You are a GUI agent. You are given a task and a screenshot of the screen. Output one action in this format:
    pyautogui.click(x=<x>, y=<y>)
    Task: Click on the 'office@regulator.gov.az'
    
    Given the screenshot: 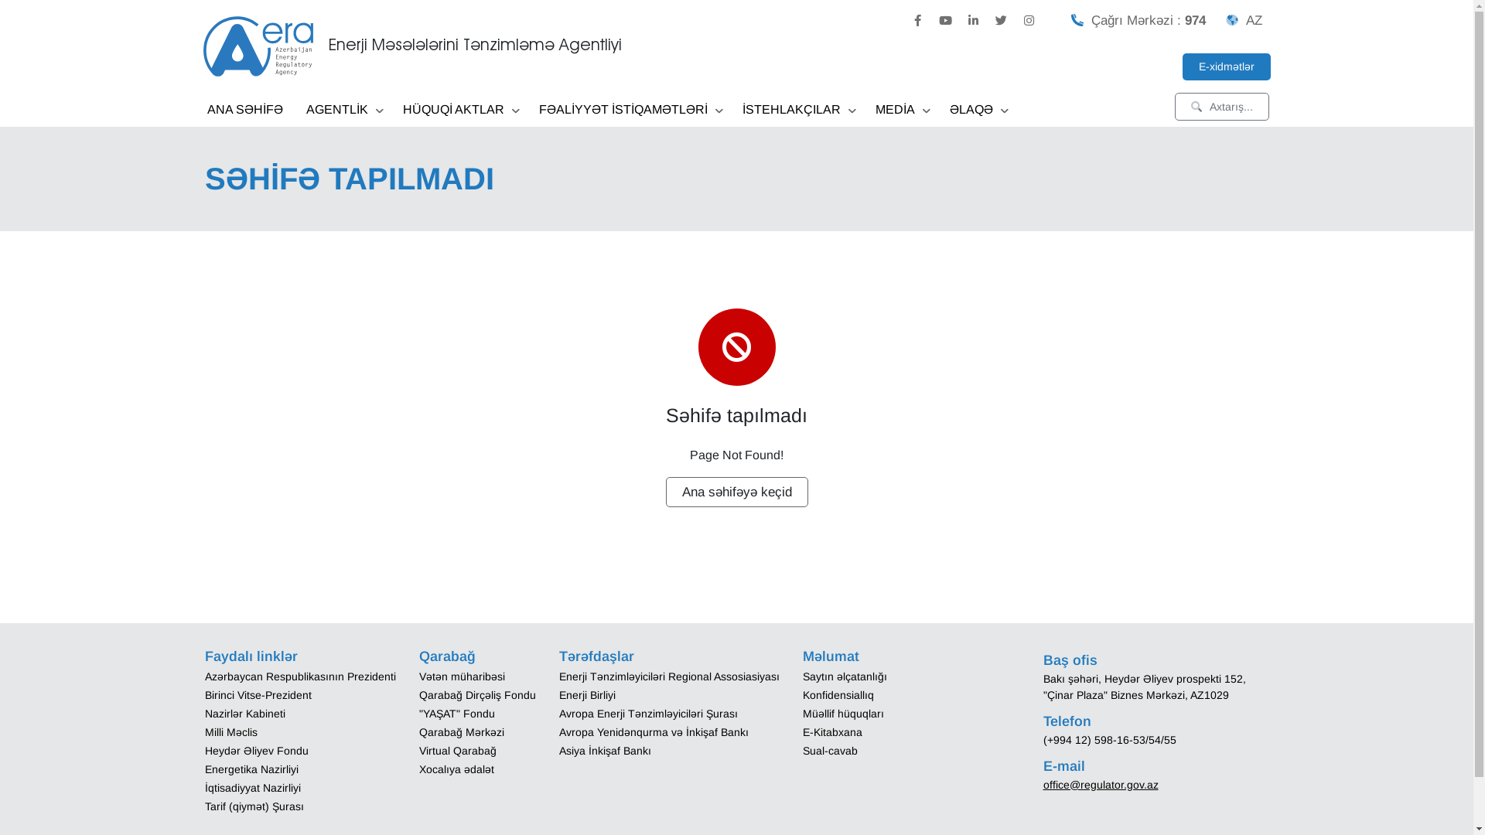 What is the action you would take?
    pyautogui.click(x=1043, y=784)
    